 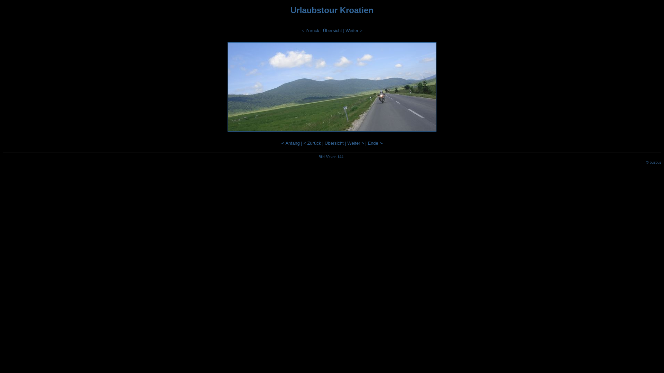 What do you see at coordinates (356, 143) in the screenshot?
I see `'Weiter >'` at bounding box center [356, 143].